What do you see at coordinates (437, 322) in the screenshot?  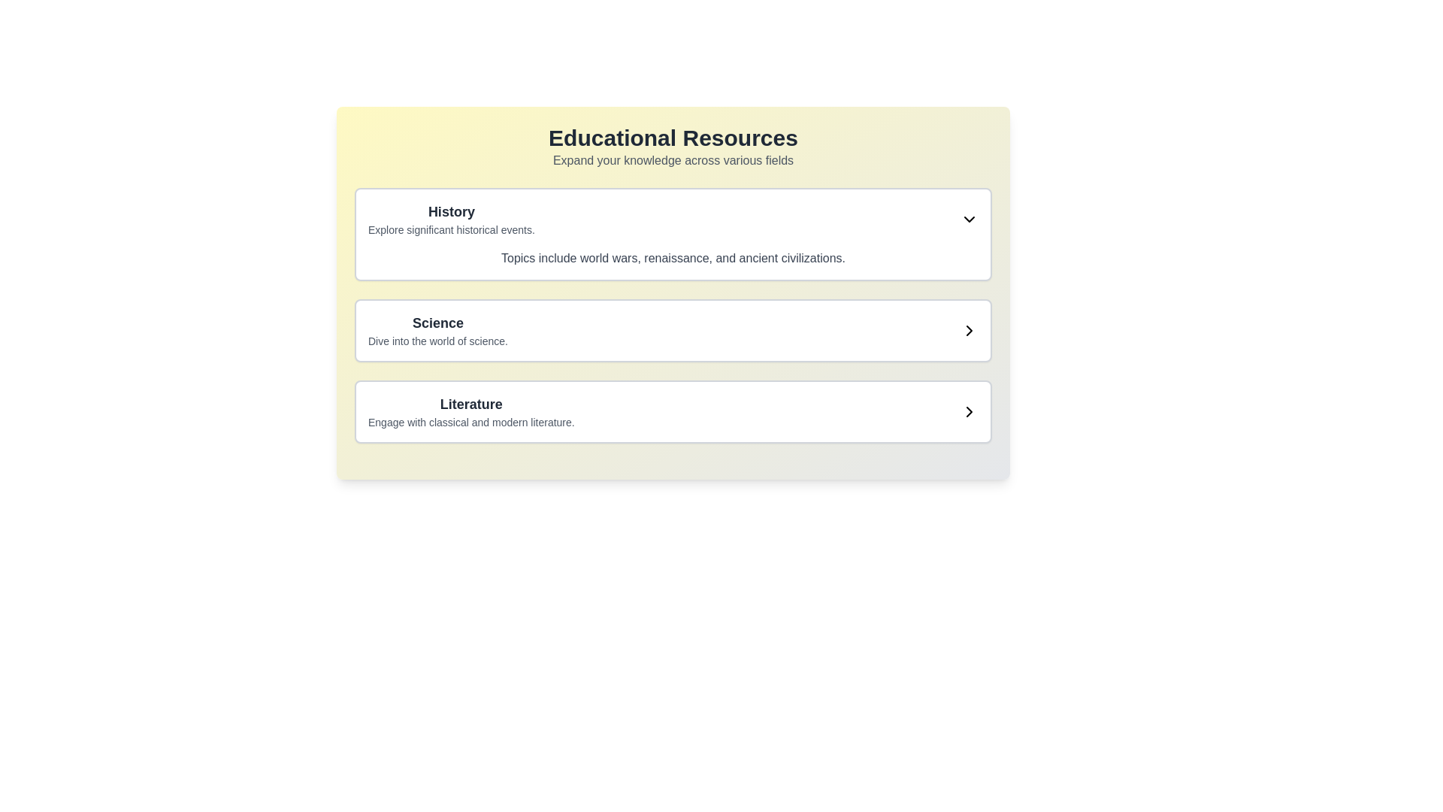 I see `the Text label that serves as a header for its section, located below 'History' and above 'Literature'` at bounding box center [437, 322].